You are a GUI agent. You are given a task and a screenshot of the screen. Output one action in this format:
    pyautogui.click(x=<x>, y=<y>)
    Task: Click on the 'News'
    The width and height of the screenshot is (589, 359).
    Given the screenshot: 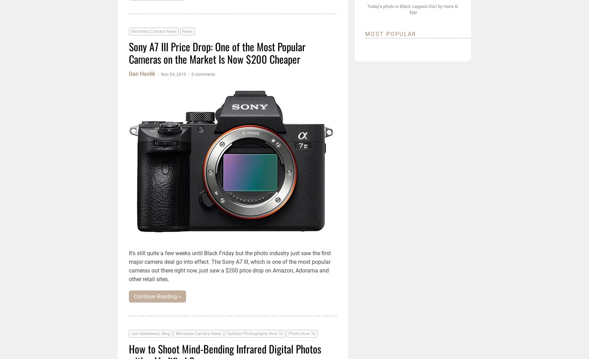 What is the action you would take?
    pyautogui.click(x=187, y=31)
    